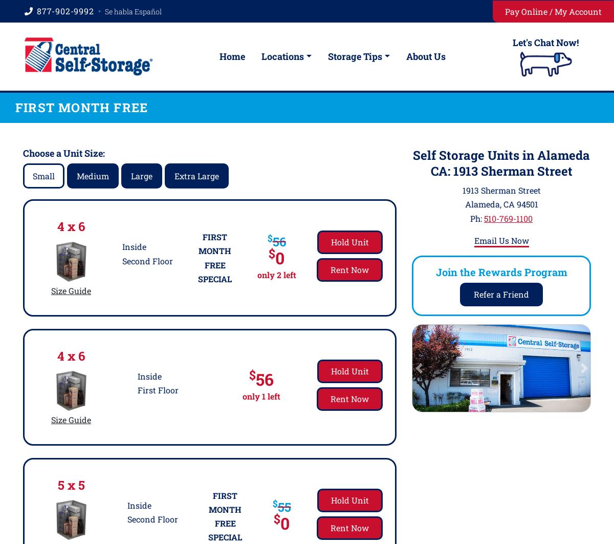 This screenshot has height=544, width=614. What do you see at coordinates (462, 190) in the screenshot?
I see `'1913 Sherman Street'` at bounding box center [462, 190].